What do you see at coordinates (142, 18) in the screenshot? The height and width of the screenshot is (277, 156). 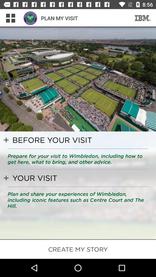 I see `the date_range icon` at bounding box center [142, 18].